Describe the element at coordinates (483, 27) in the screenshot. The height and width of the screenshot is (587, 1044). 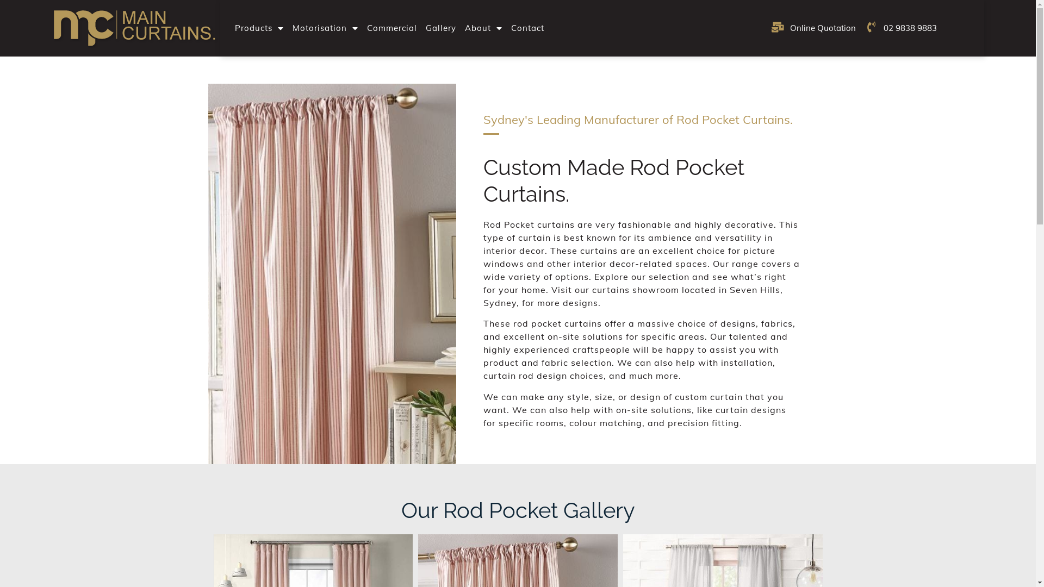
I see `'About'` at that location.